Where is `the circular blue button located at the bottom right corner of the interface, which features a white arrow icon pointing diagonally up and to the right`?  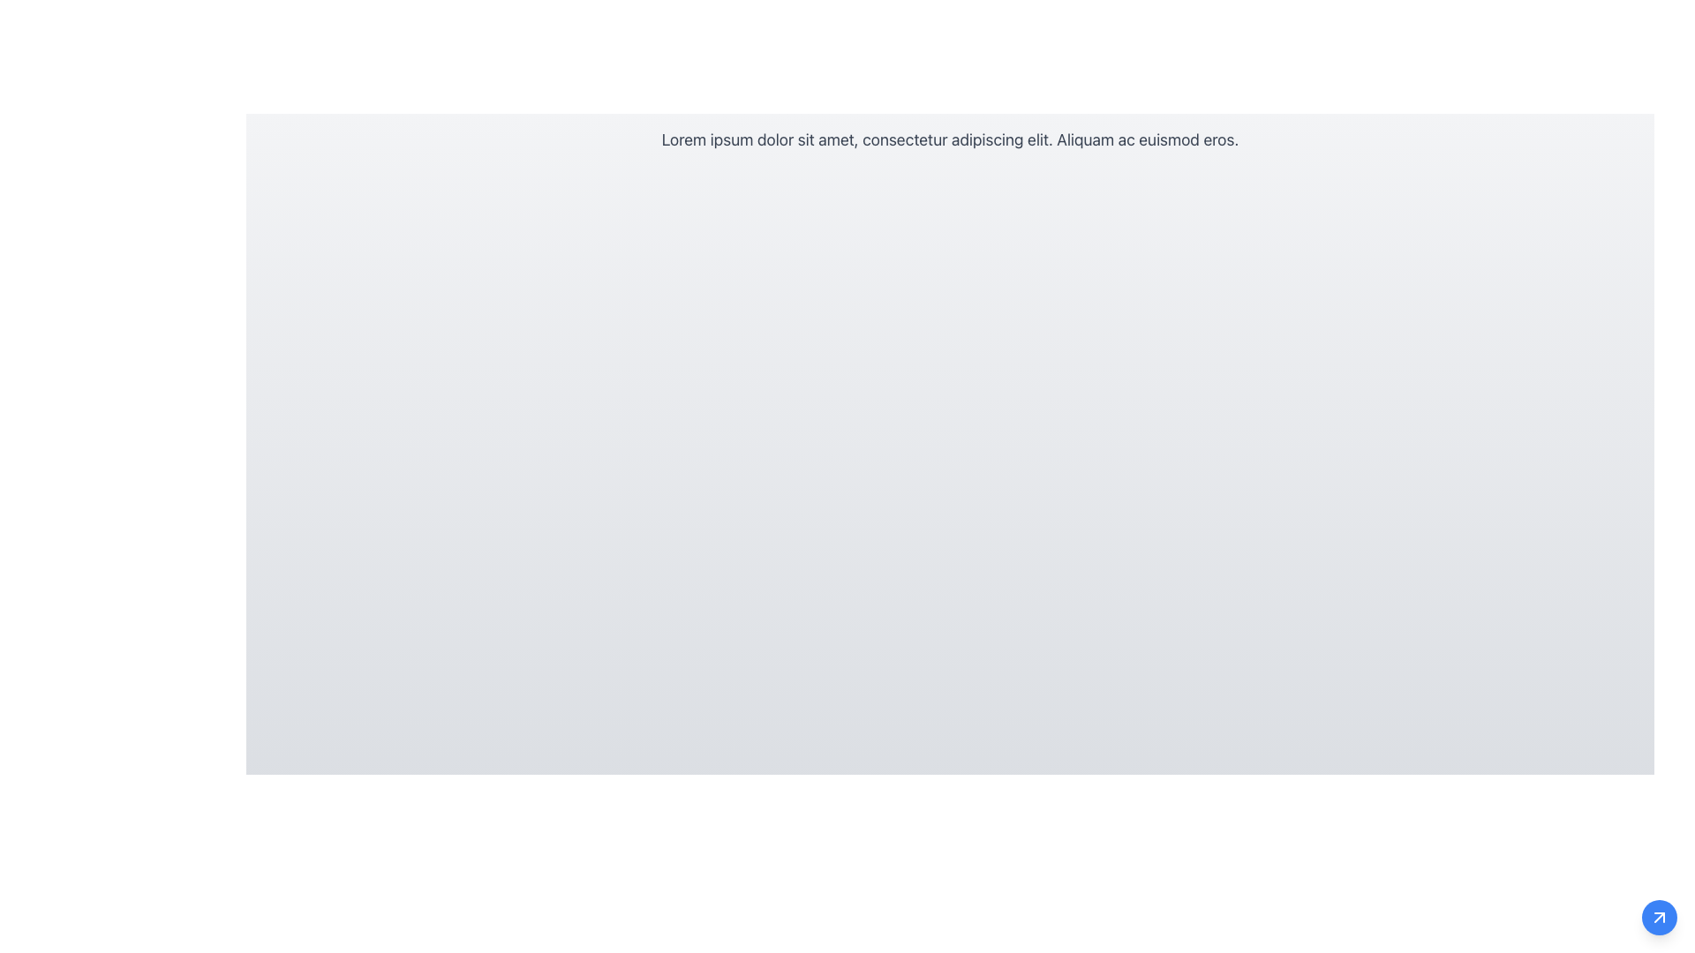
the circular blue button located at the bottom right corner of the interface, which features a white arrow icon pointing diagonally up and to the right is located at coordinates (1659, 917).